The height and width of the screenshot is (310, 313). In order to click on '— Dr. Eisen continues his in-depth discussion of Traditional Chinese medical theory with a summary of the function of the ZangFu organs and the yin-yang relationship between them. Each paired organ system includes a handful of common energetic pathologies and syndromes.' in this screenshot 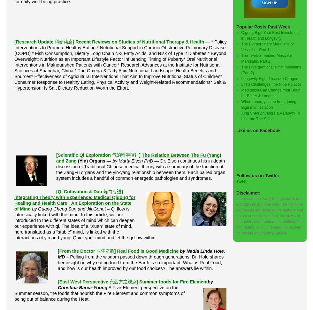, I will do `click(141, 170)`.